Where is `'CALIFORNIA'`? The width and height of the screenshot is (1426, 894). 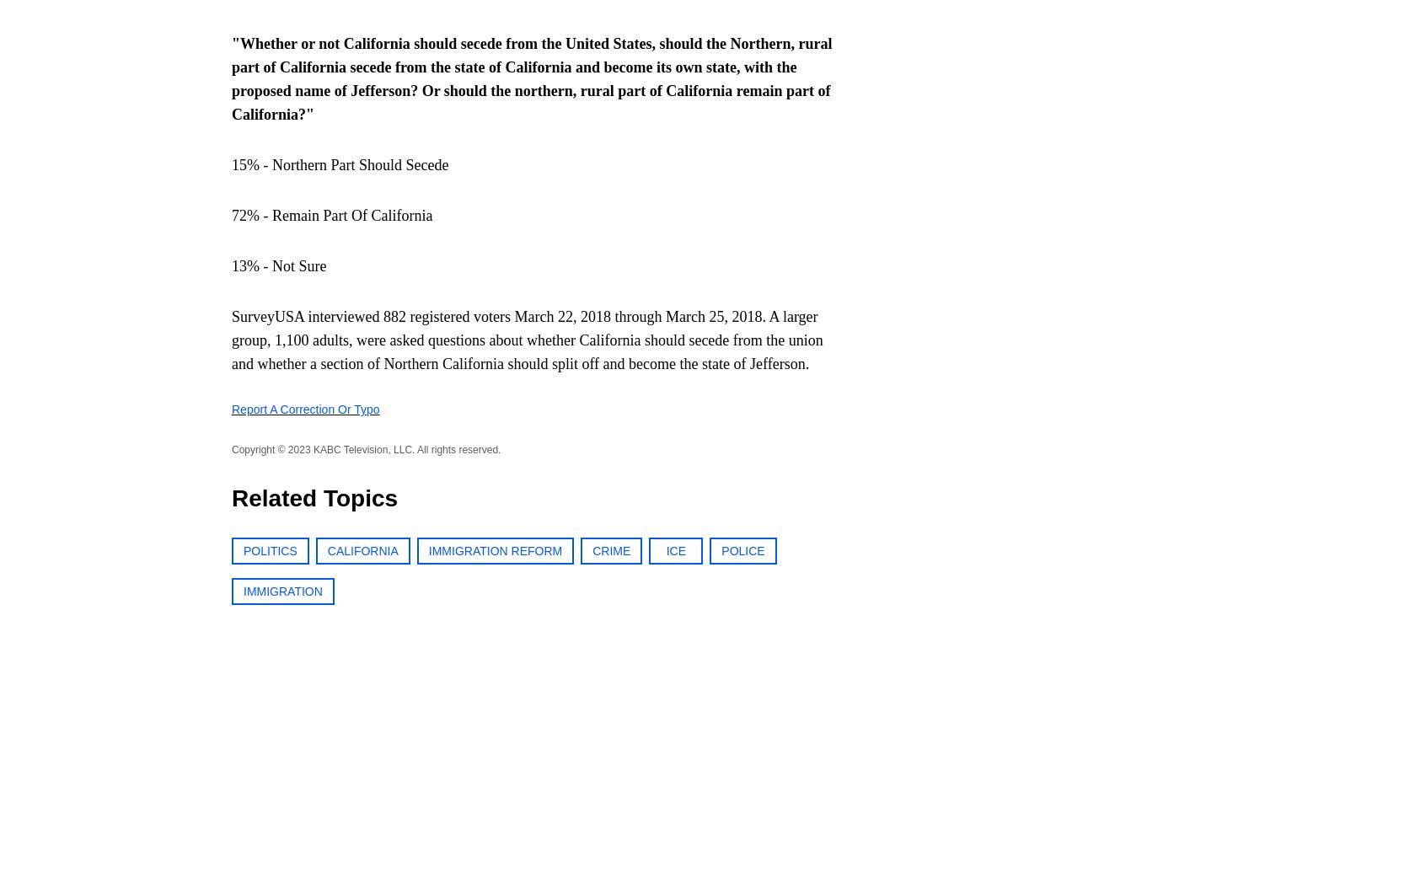
'CALIFORNIA' is located at coordinates (361, 550).